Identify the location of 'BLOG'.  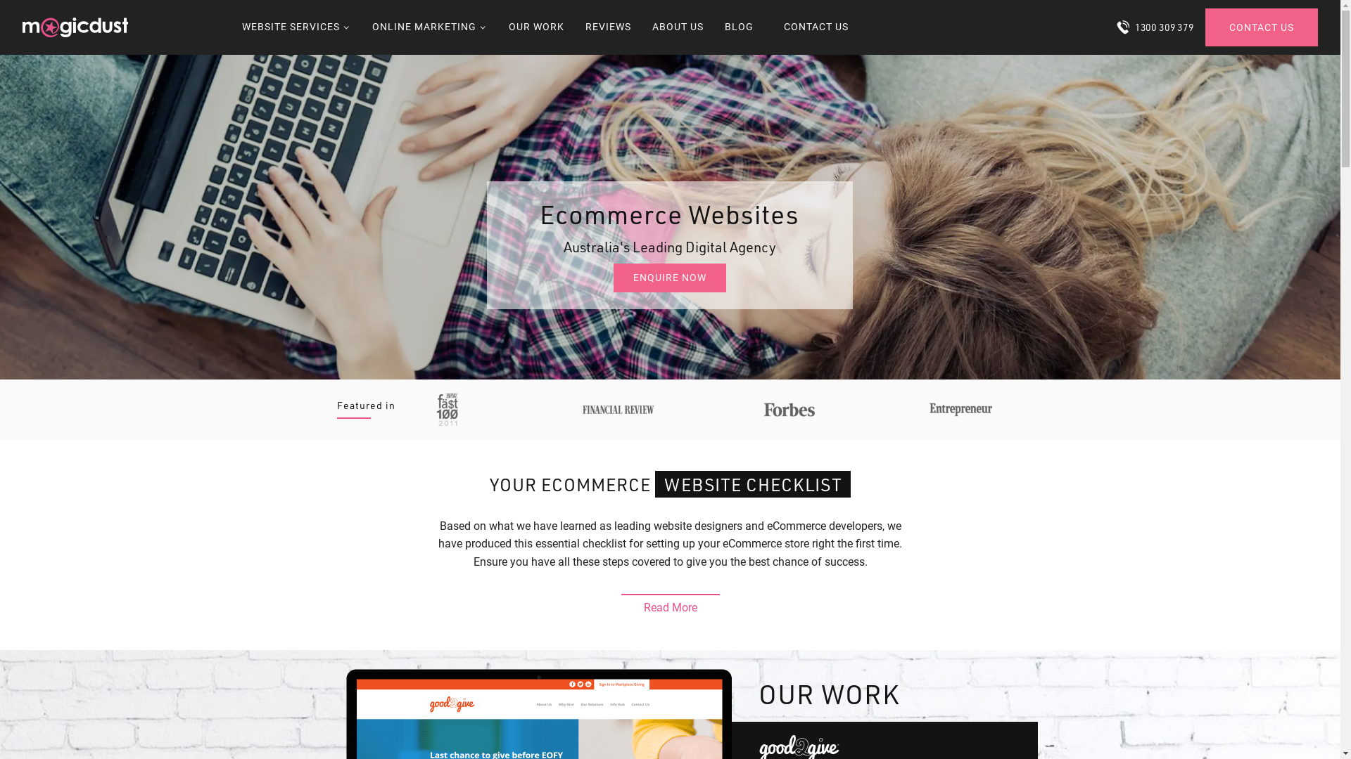
(725, 27).